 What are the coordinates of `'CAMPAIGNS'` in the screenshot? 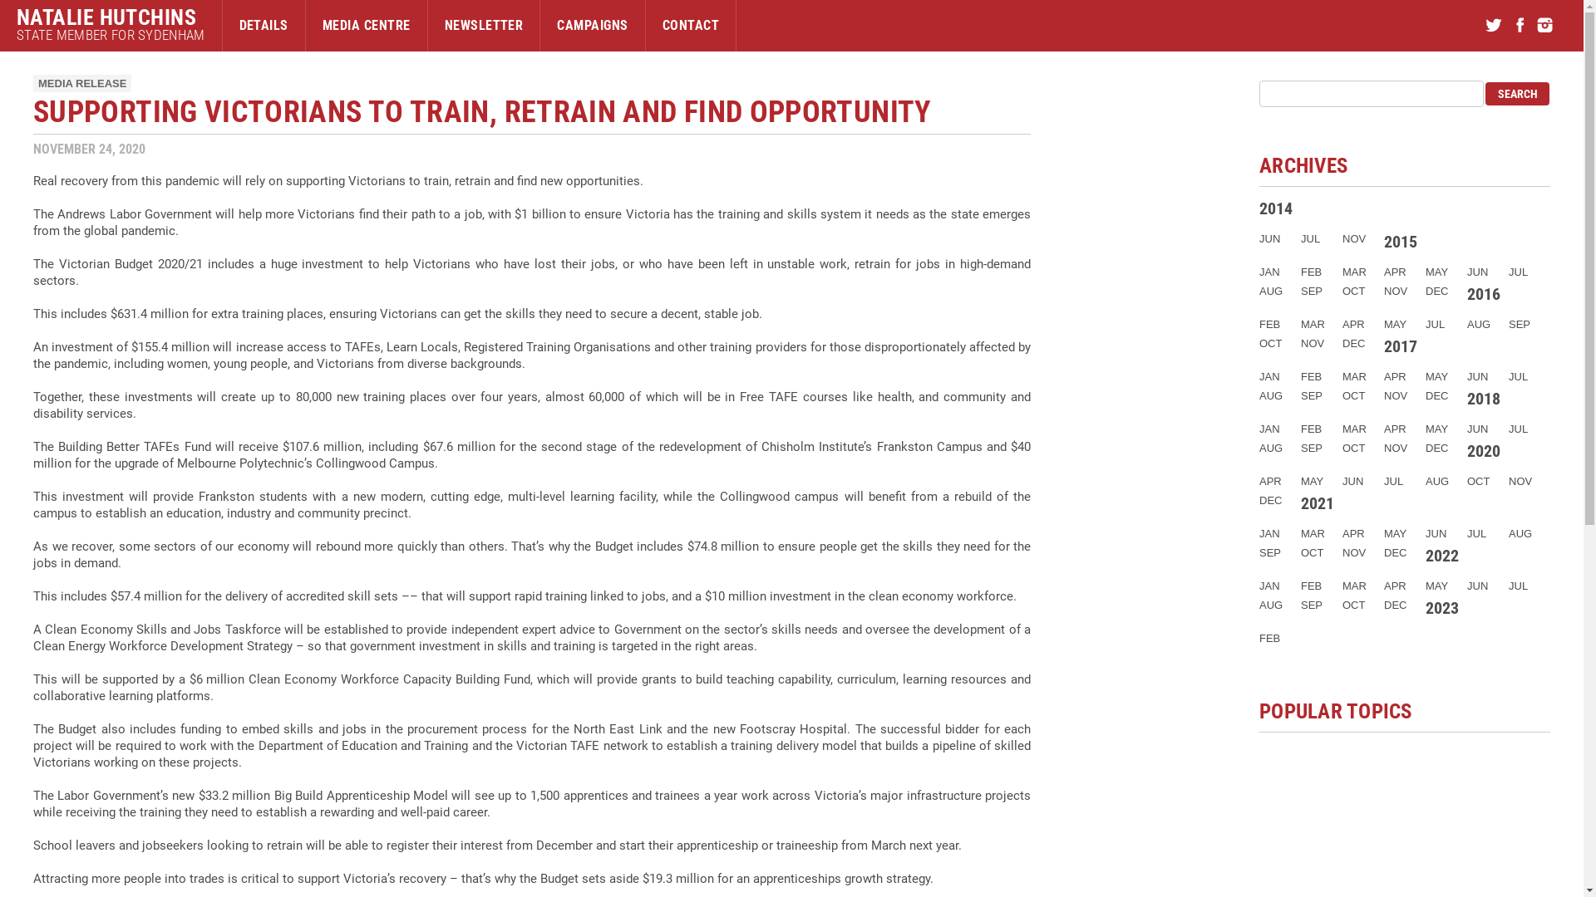 It's located at (592, 25).